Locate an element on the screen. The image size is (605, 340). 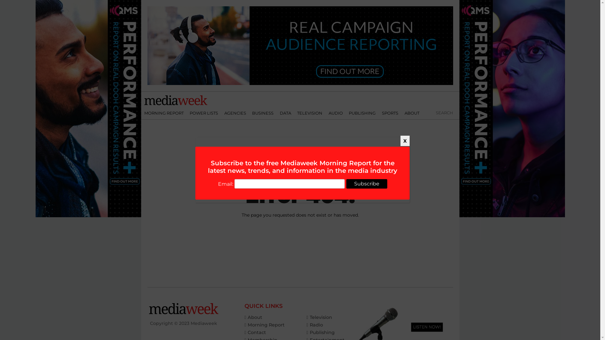
'3rd party ad content' is located at coordinates (300, 45).